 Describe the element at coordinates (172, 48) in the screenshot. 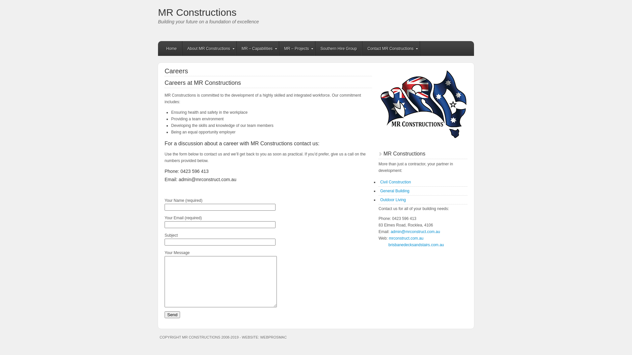

I see `'Home'` at that location.